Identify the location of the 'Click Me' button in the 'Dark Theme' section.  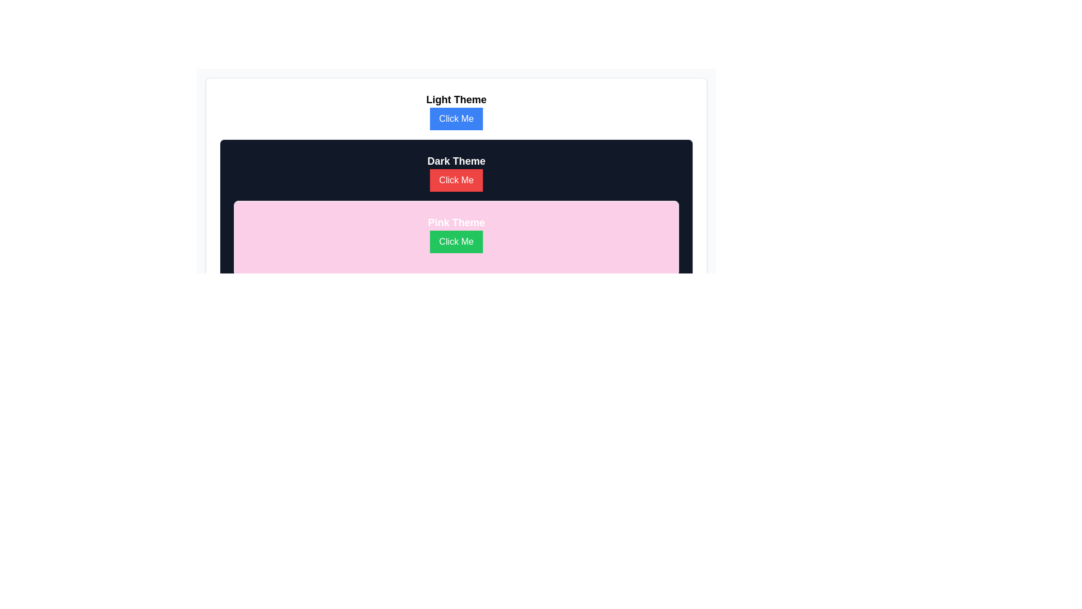
(456, 172).